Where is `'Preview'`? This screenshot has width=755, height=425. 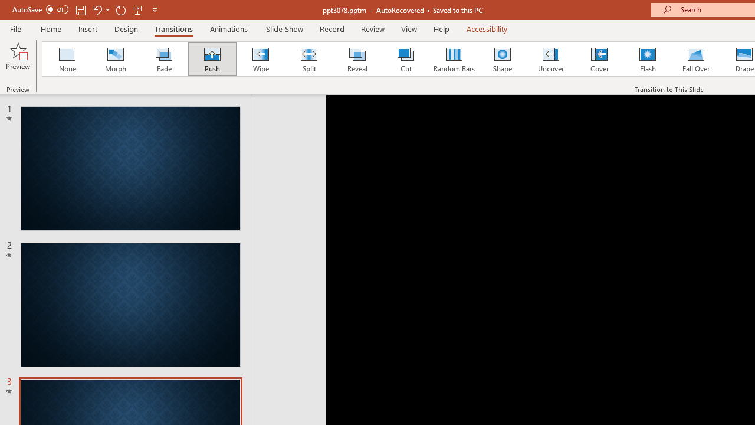 'Preview' is located at coordinates (18, 61).